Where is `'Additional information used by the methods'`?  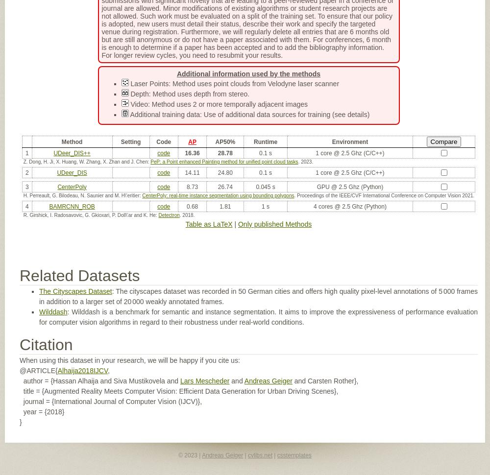 'Additional information used by the methods' is located at coordinates (248, 73).